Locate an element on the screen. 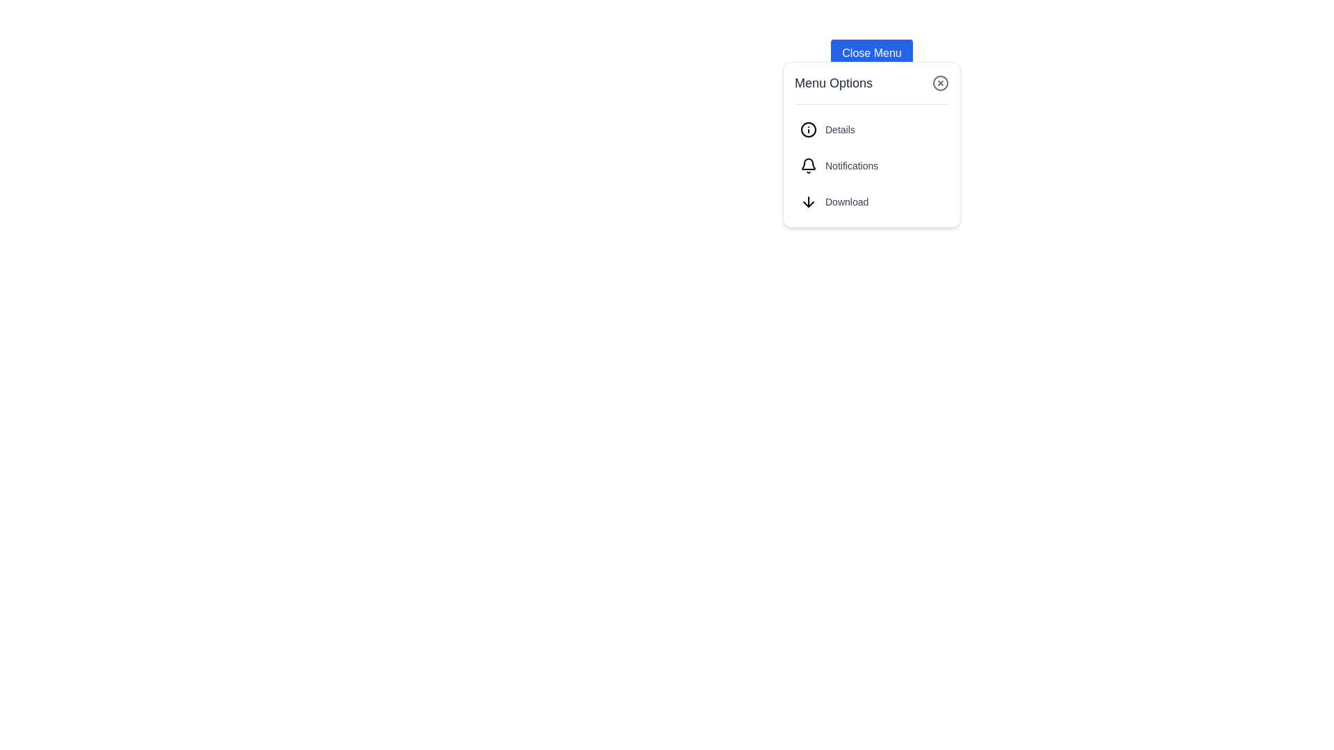 The width and height of the screenshot is (1334, 750). the 'Menu Options' text label, which displays in bold, medium-sized dark gray font at the top of the menu popup interface is located at coordinates (834, 83).